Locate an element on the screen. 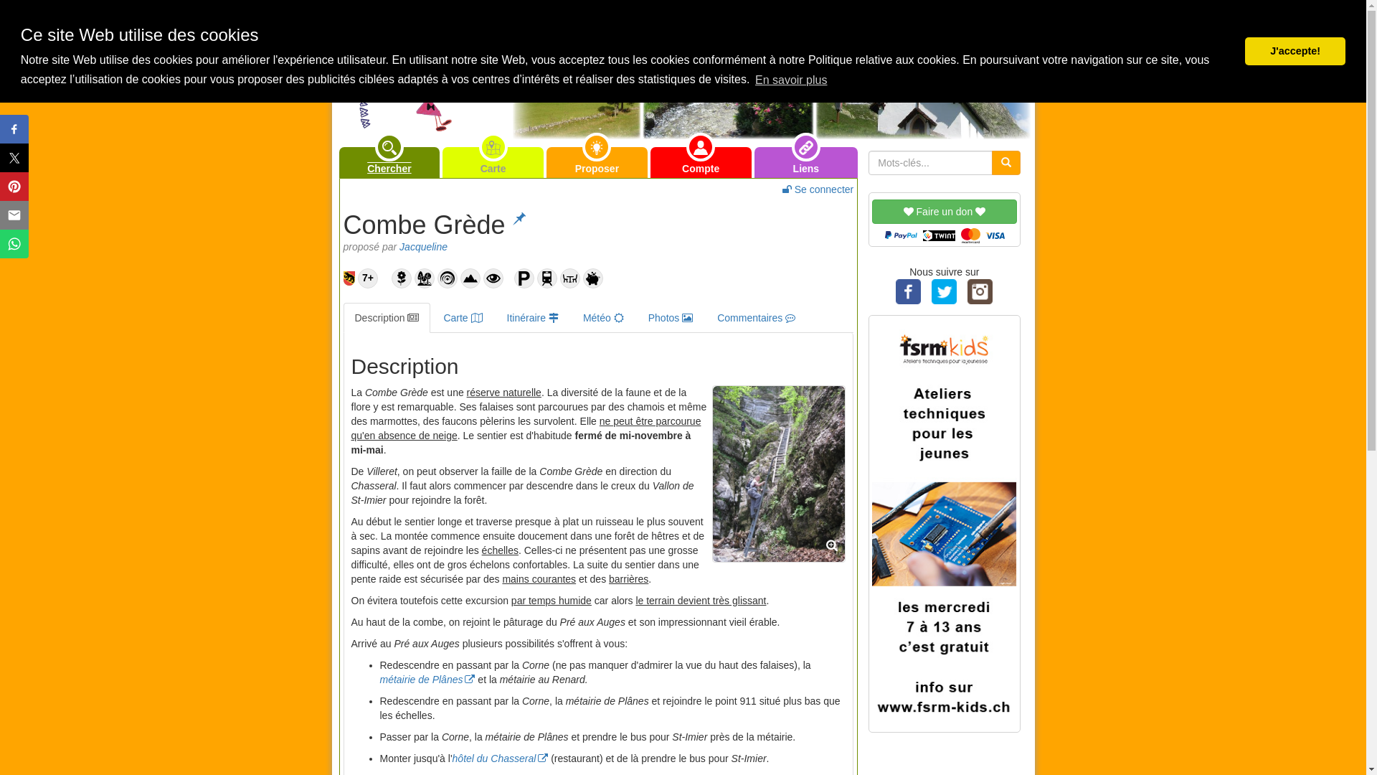 The height and width of the screenshot is (775, 1377). '7+' is located at coordinates (368, 278).